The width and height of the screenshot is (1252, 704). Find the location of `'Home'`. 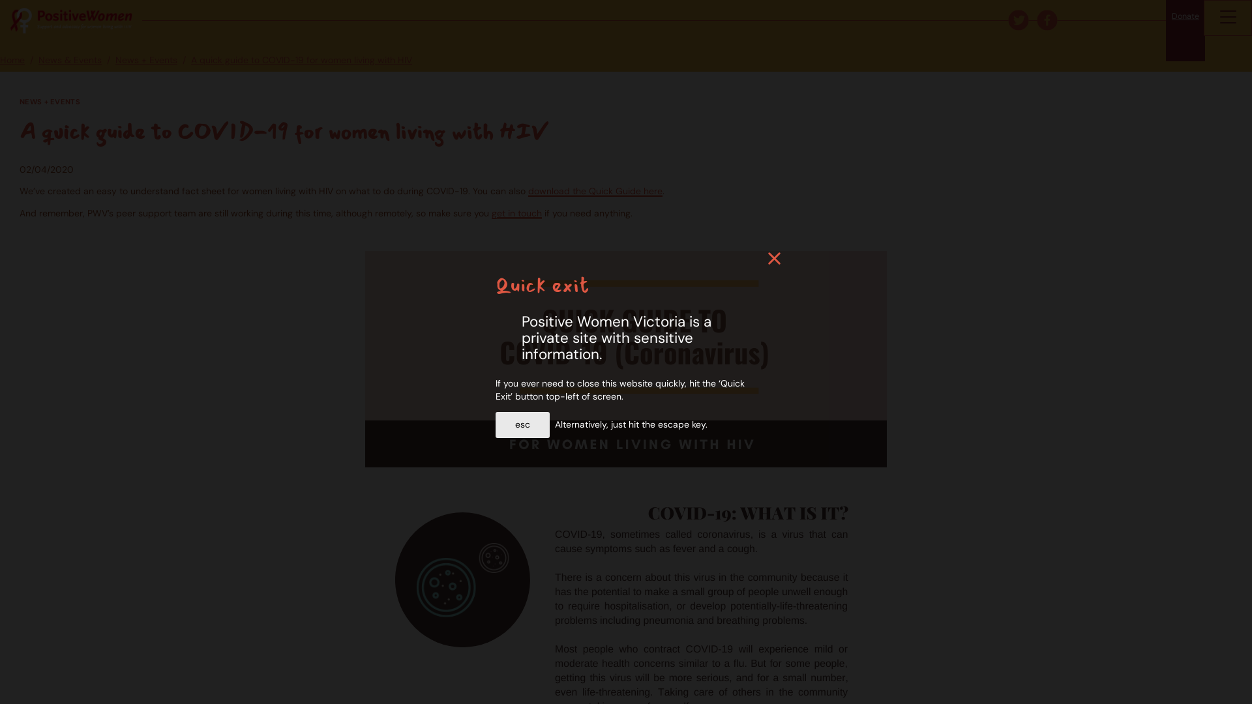

'Home' is located at coordinates (12, 60).